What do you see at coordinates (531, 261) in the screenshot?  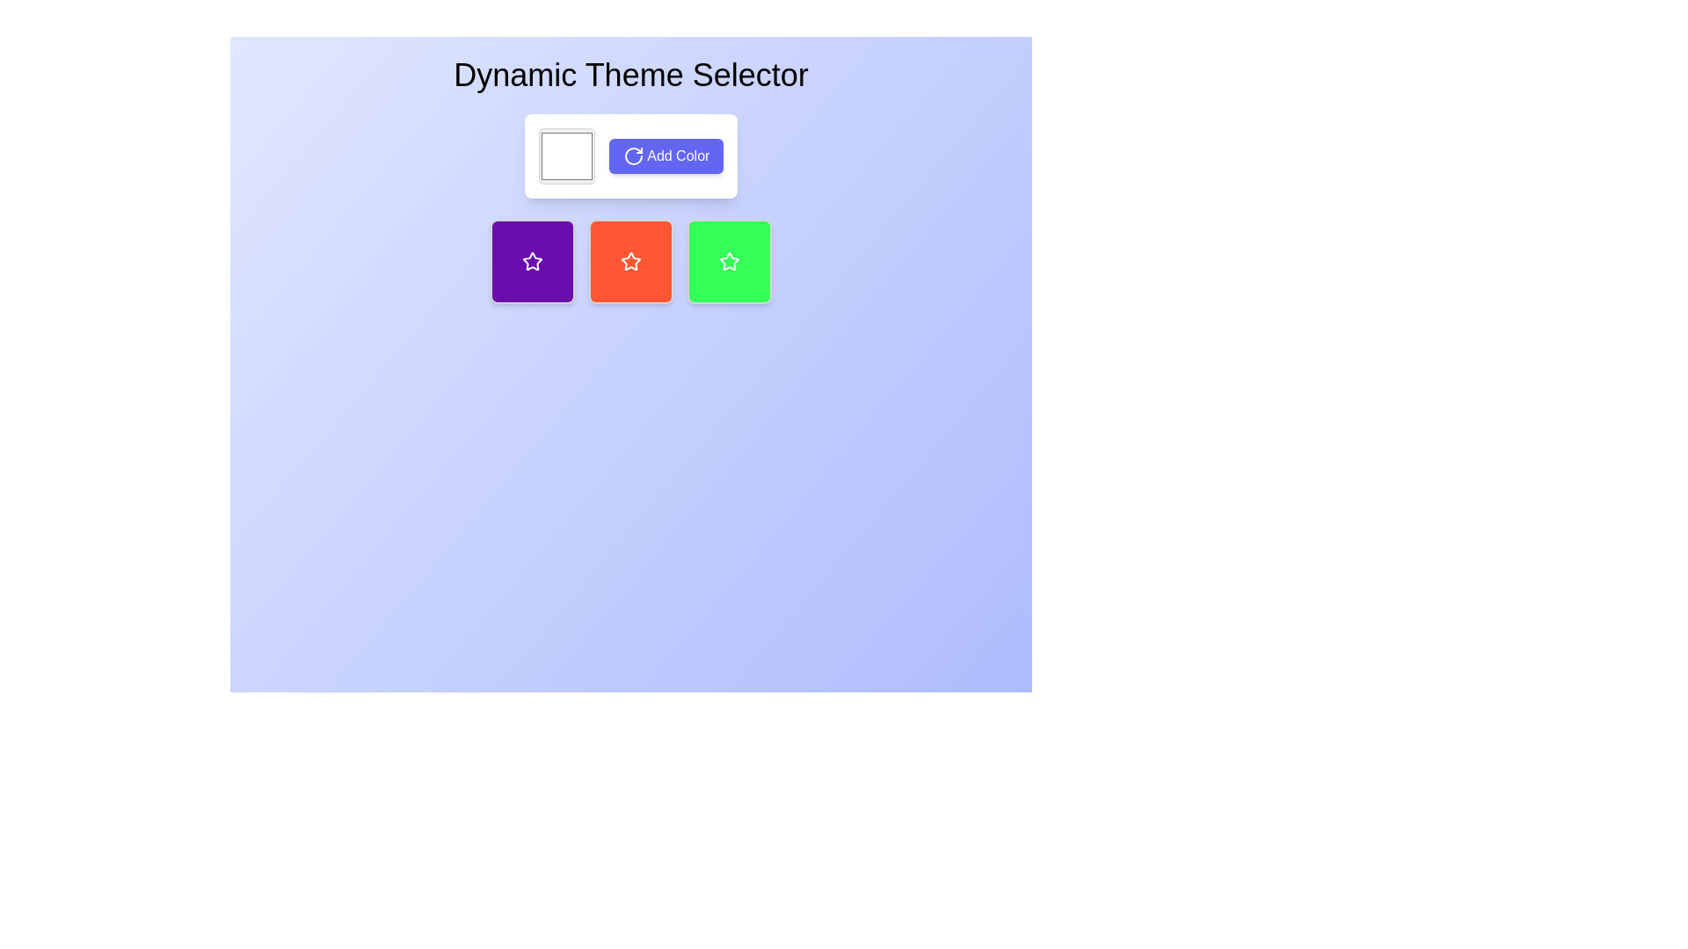 I see `the five-pointed star icon with a white outline on a purple square background` at bounding box center [531, 261].